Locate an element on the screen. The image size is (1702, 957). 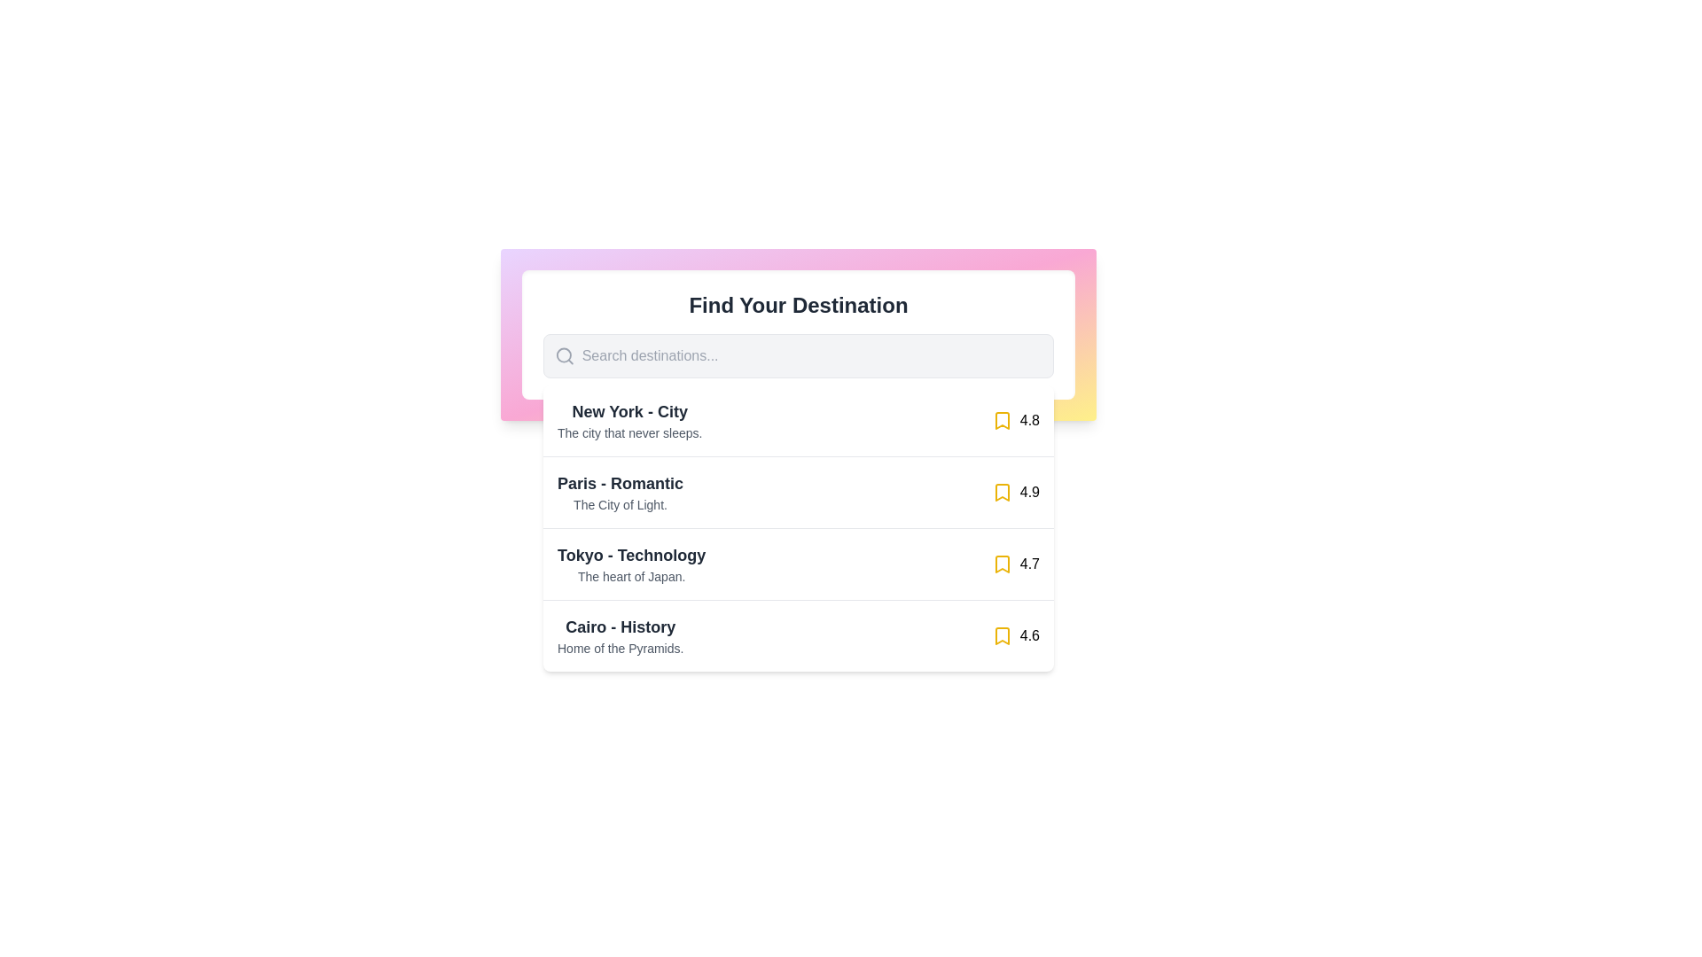
the search icon, which is represented by a magnifying glass graphic, positioned to the far left inside a rounded input field before the text input placeholder 'Search destinations...' is located at coordinates (564, 355).